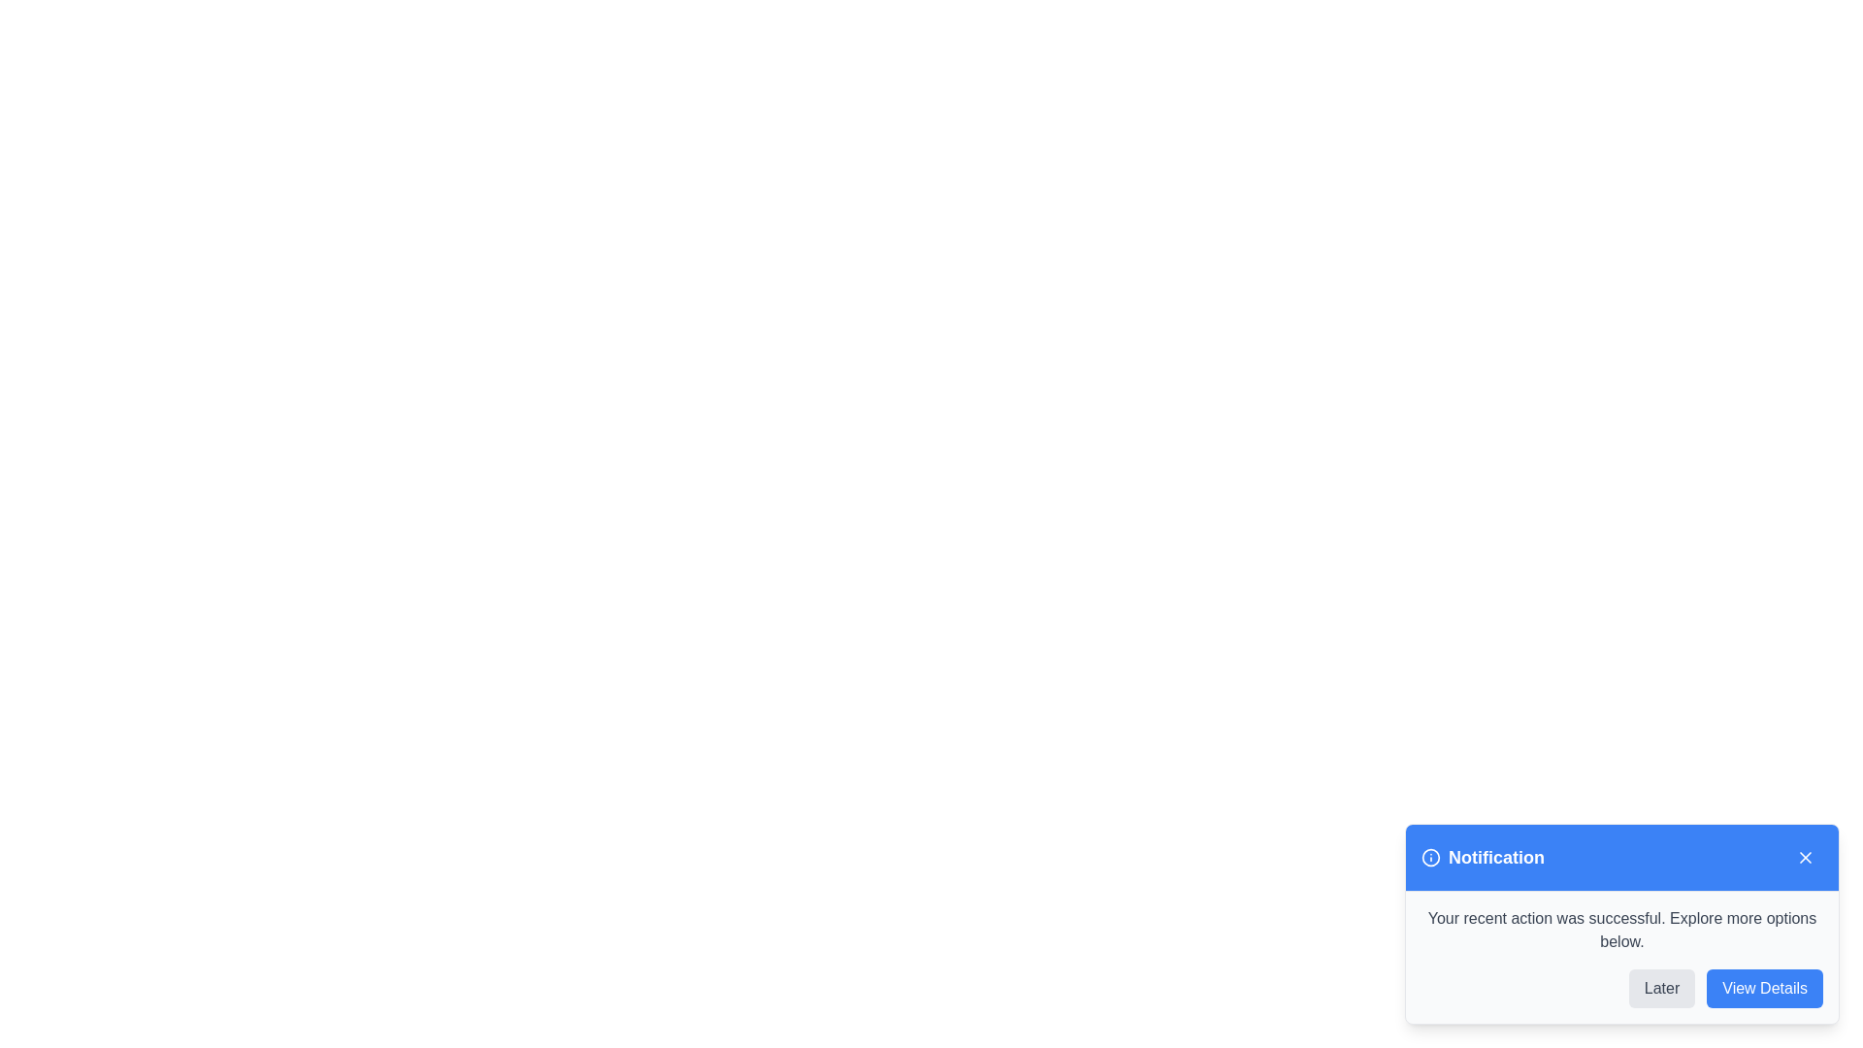  What do you see at coordinates (1765, 988) in the screenshot?
I see `the second button in the horizontal button group located at the bottom-right section of the notification card to observe the hover effect` at bounding box center [1765, 988].